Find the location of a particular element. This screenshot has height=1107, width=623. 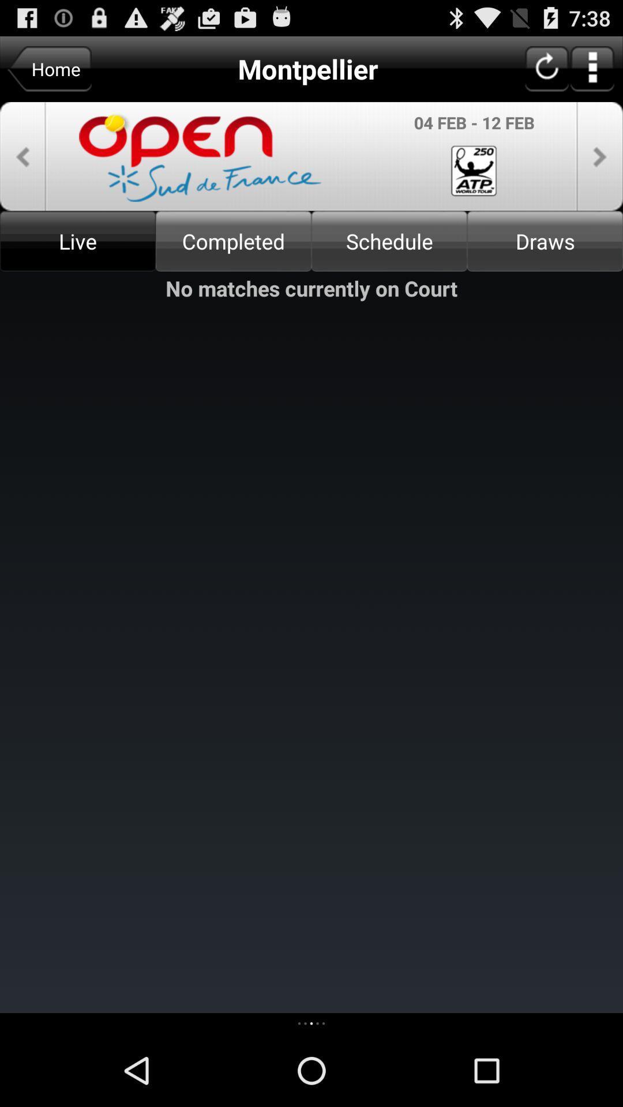

the share icon is located at coordinates (22, 167).